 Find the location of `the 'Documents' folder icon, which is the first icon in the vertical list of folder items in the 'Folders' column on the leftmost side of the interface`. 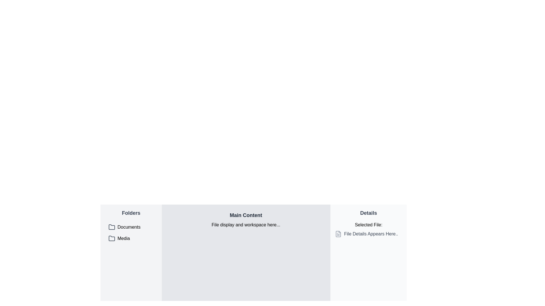

the 'Documents' folder icon, which is the first icon in the vertical list of folder items in the 'Folders' column on the leftmost side of the interface is located at coordinates (112, 227).